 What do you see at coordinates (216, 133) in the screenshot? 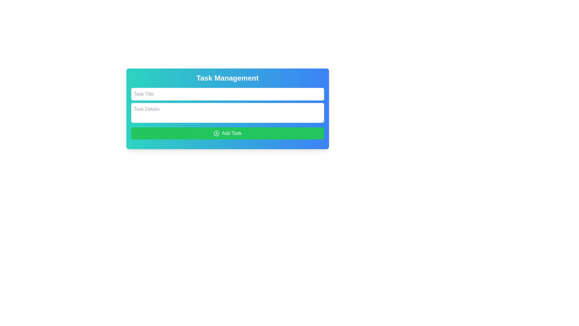
I see `the circular icon with a plus sign located within the 'Add Task' button, positioned towards the left side of the button text` at bounding box center [216, 133].